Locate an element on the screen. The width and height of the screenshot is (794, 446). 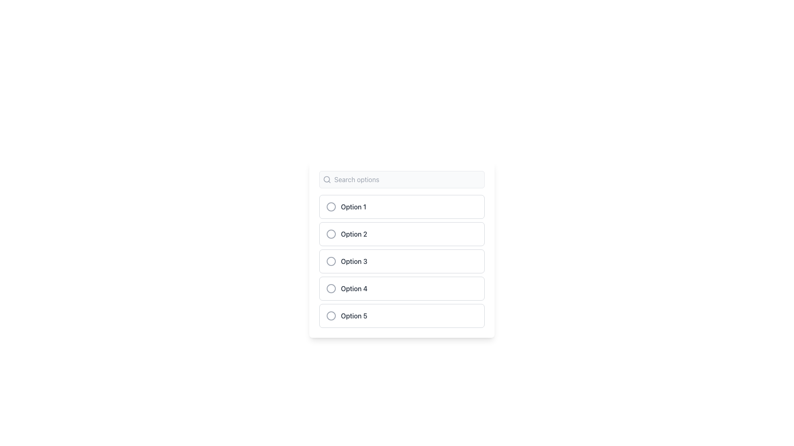
the radio button labeled 'Option 3' is located at coordinates (402, 261).